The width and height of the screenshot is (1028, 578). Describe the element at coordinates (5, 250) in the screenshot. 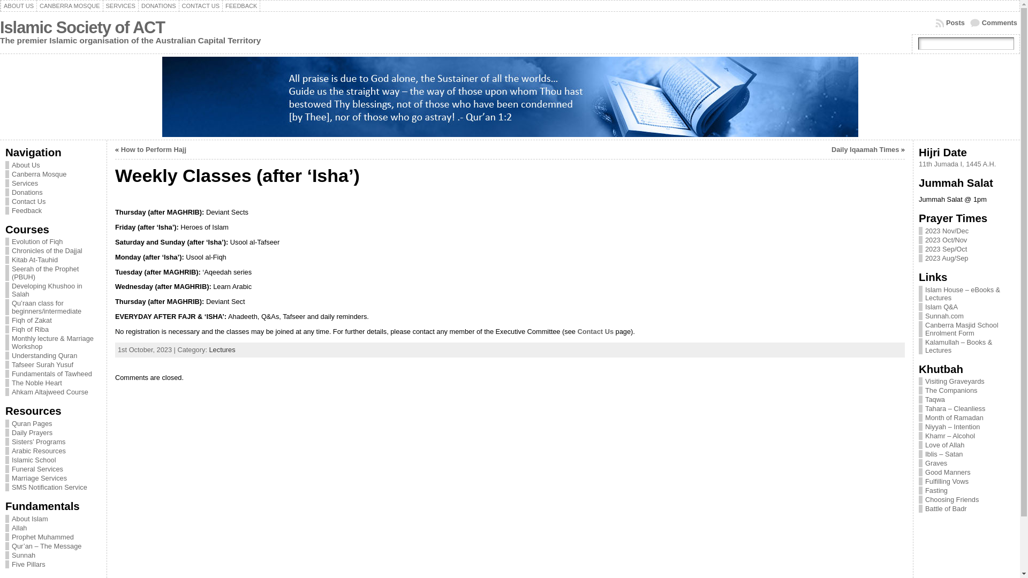

I see `'Chronicles of the Dajjal'` at that location.